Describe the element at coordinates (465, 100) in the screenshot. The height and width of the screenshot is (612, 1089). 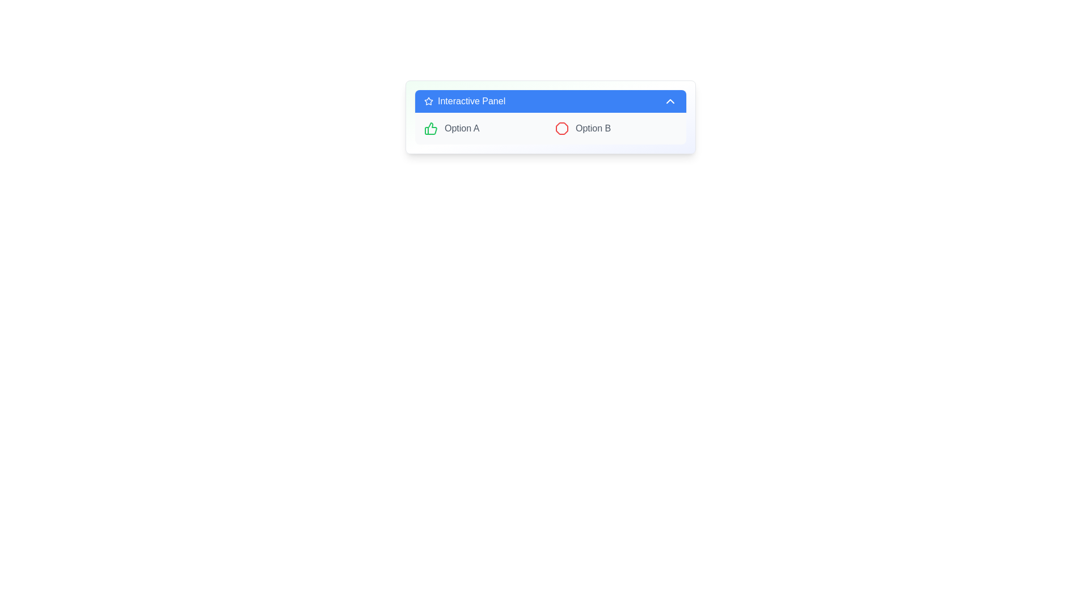
I see `the descriptive header element located in the blue panel at the top of the group` at that location.